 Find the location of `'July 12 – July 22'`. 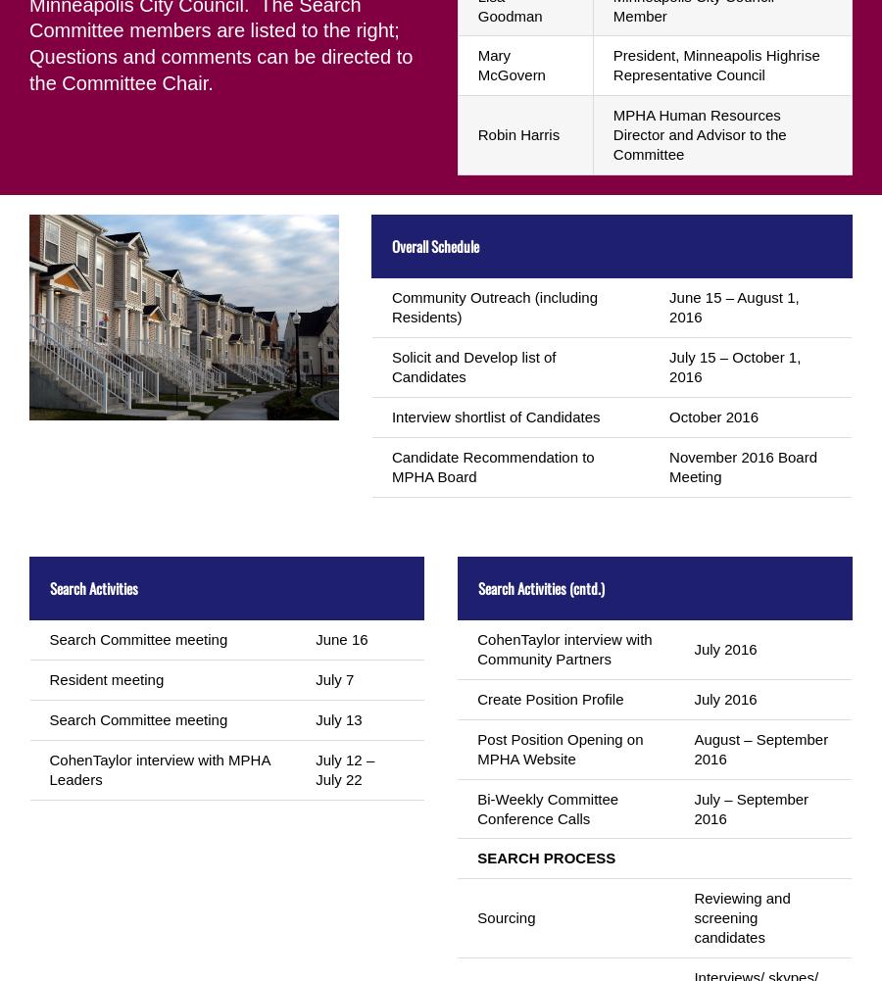

'July 12 – July 22' is located at coordinates (344, 768).